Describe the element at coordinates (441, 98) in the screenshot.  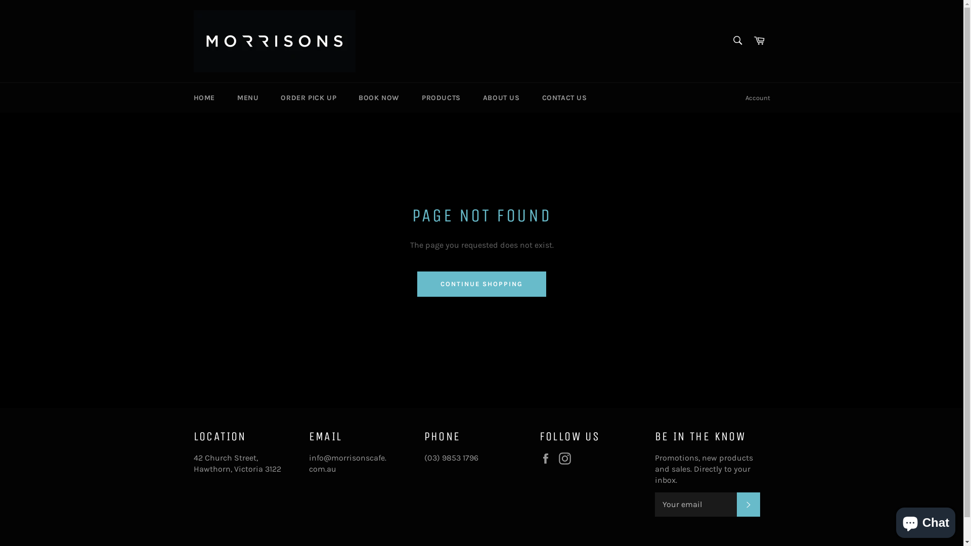
I see `'PRODUCTS'` at that location.